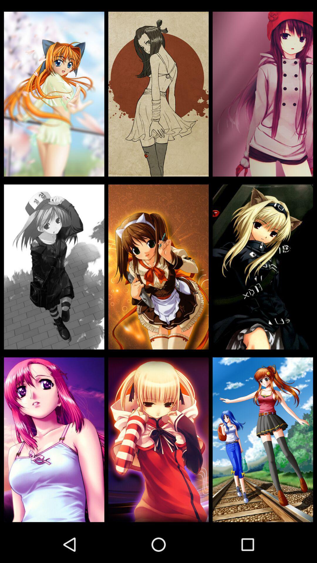 Image resolution: width=317 pixels, height=563 pixels. What do you see at coordinates (158, 440) in the screenshot?
I see `character` at bounding box center [158, 440].